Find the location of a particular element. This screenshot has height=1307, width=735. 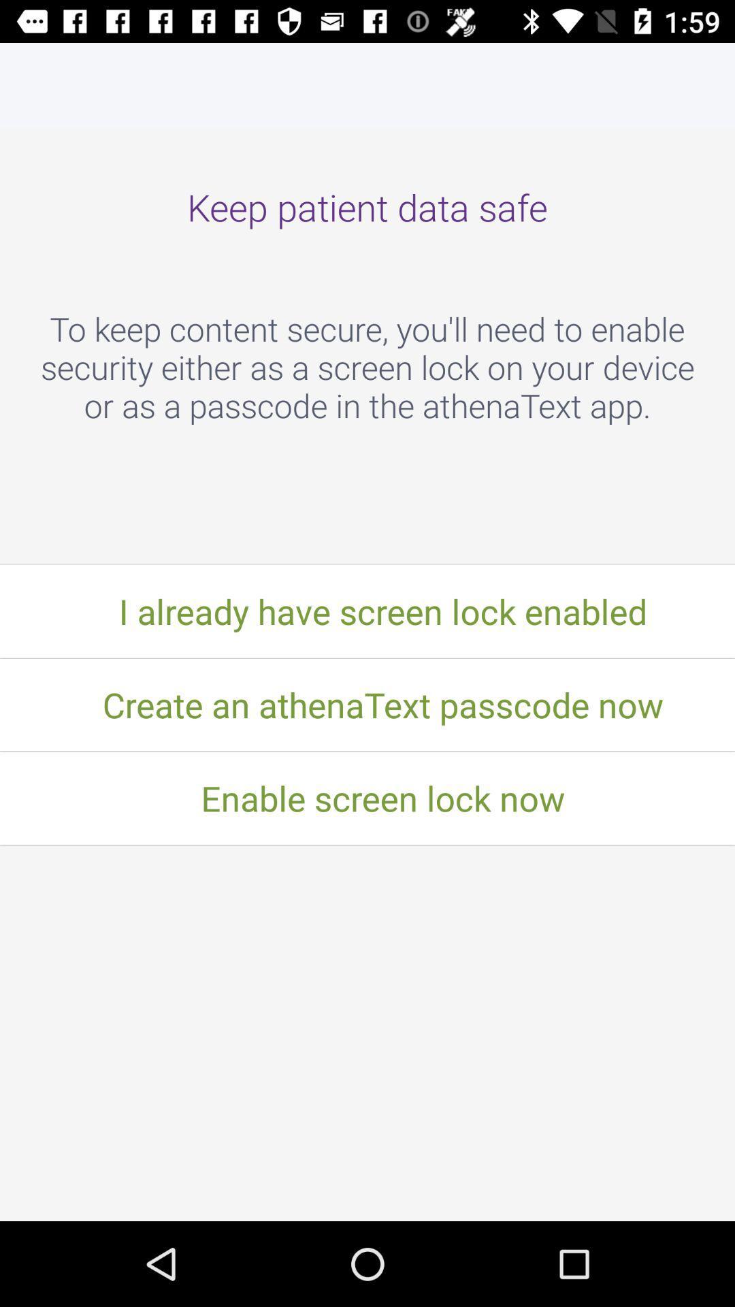

icon below to keep content is located at coordinates (367, 611).